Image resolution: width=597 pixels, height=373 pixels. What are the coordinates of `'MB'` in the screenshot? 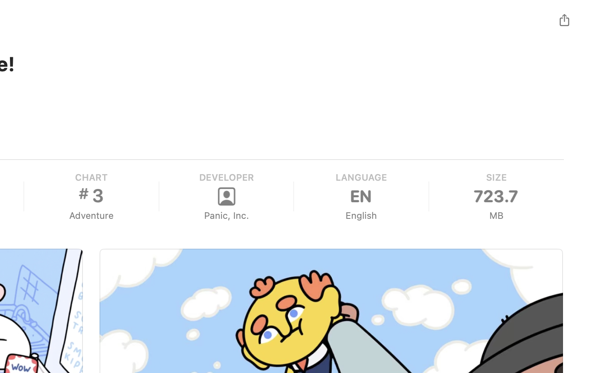 It's located at (496, 215).